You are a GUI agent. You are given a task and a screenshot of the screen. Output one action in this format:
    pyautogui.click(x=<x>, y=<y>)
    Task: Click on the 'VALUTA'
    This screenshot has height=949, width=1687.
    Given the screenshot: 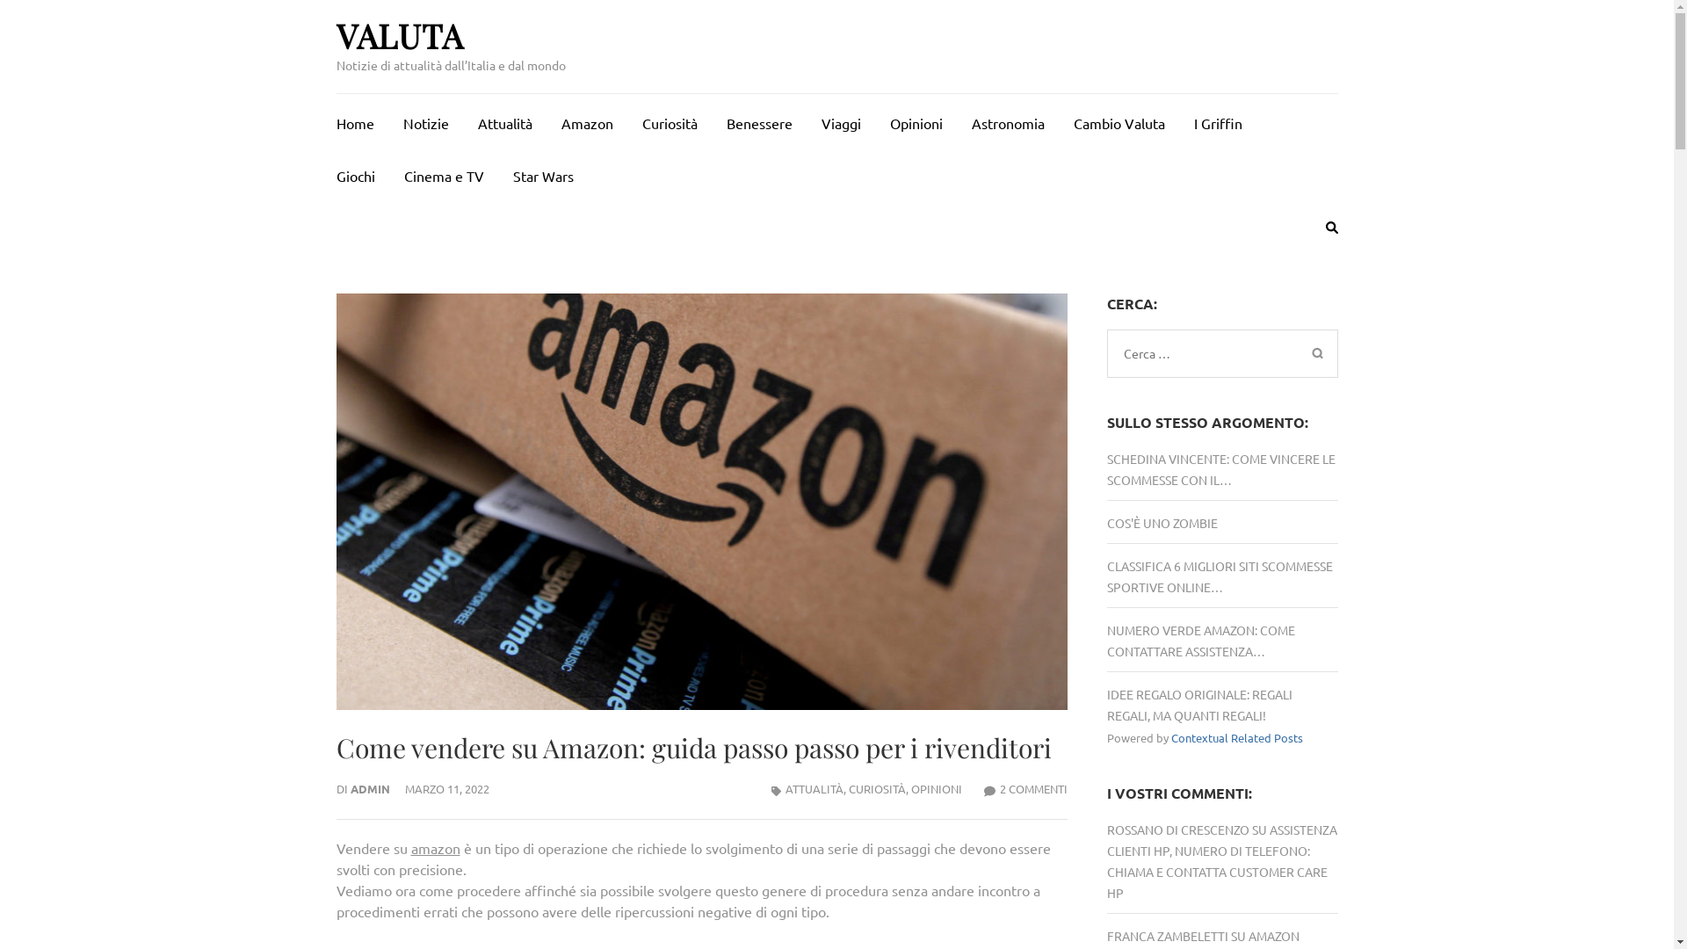 What is the action you would take?
    pyautogui.click(x=398, y=35)
    